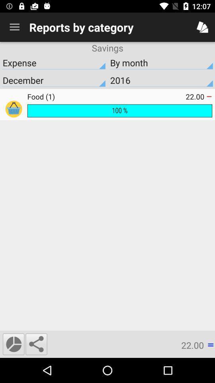  What do you see at coordinates (36, 344) in the screenshot?
I see `the share icon` at bounding box center [36, 344].